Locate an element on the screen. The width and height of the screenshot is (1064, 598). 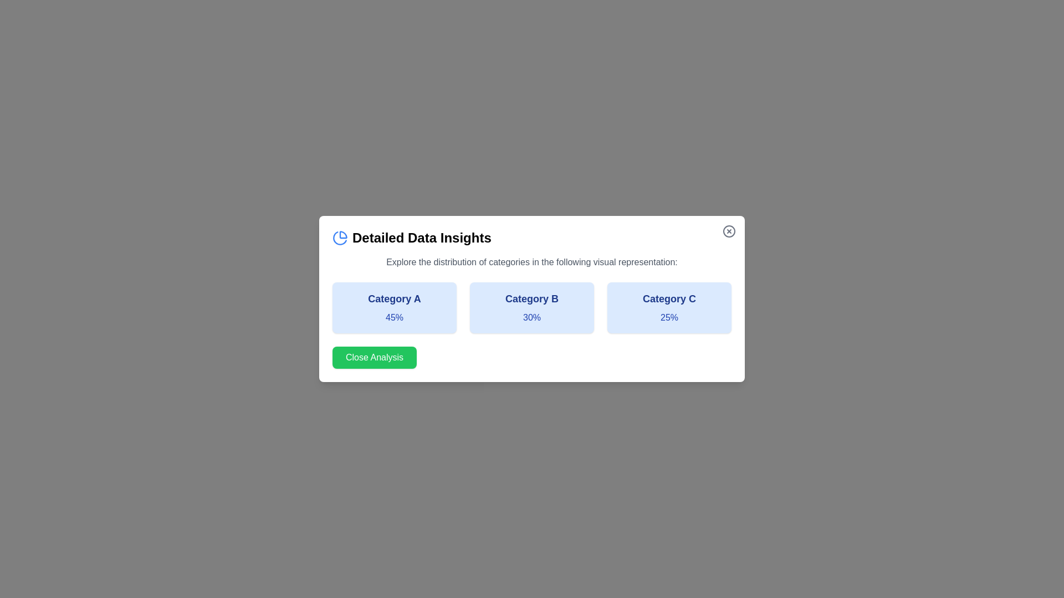
the circular close button with an 'X' icon at the top-right corner of the 'Detailed Data Insights' modal to change its color is located at coordinates (729, 230).